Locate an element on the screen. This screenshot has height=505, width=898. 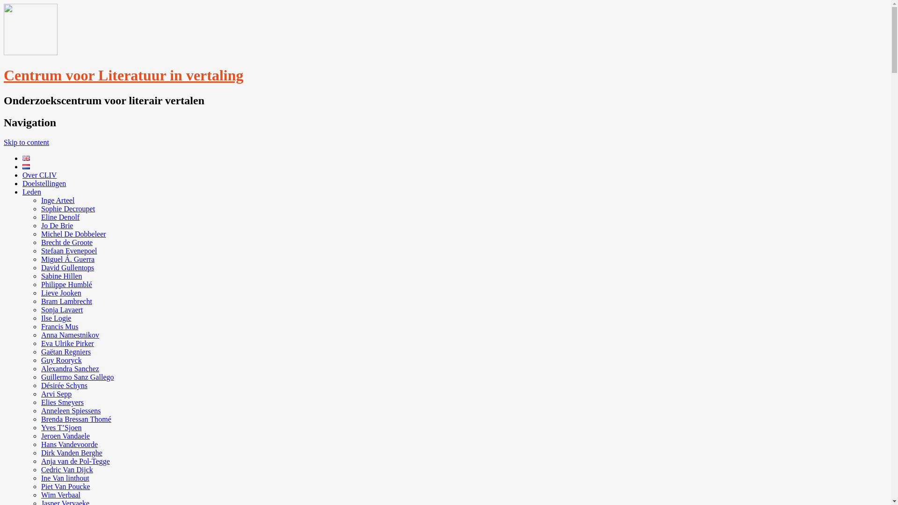
'Piet Van Poucke' is located at coordinates (65, 486).